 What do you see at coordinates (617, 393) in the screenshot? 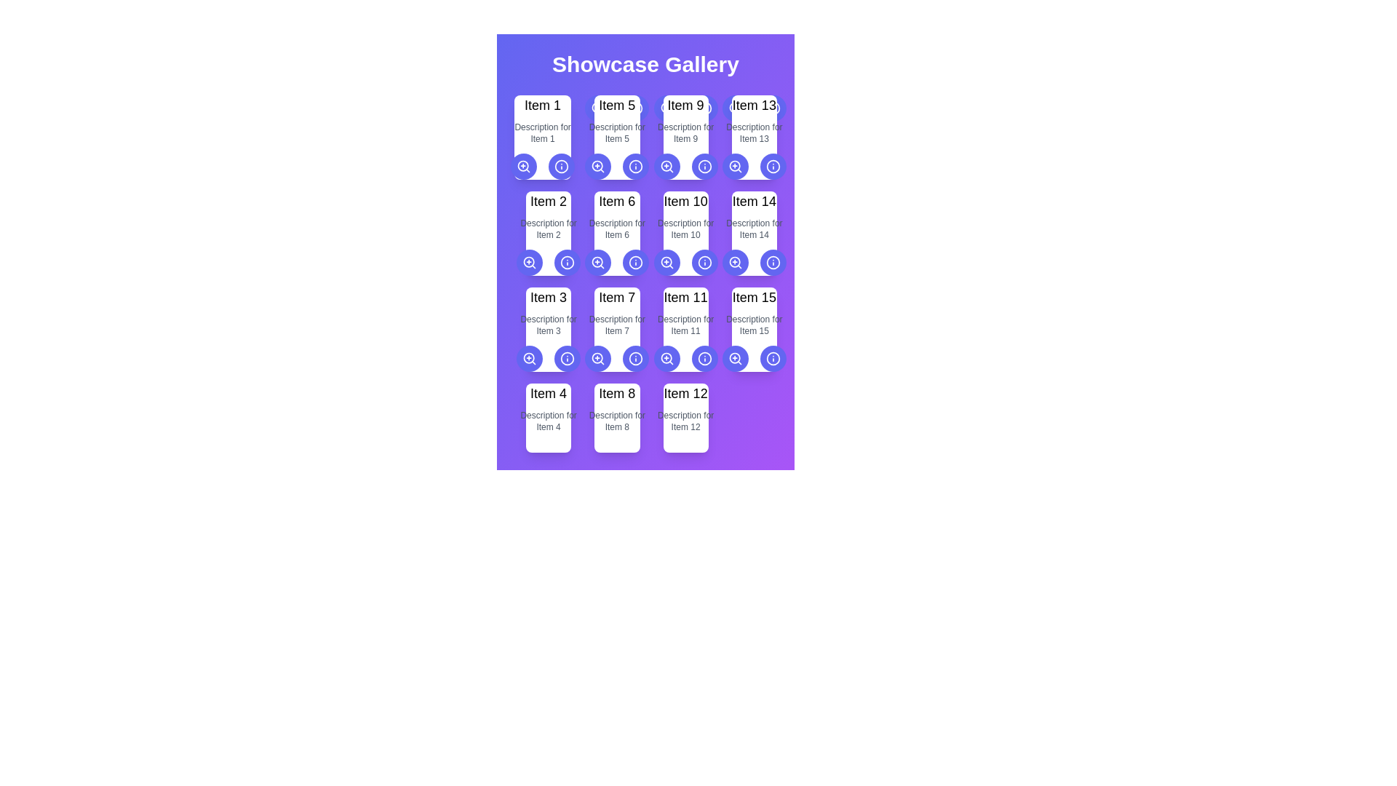
I see `the text label located in the fourth row and second column of the grid layout` at bounding box center [617, 393].